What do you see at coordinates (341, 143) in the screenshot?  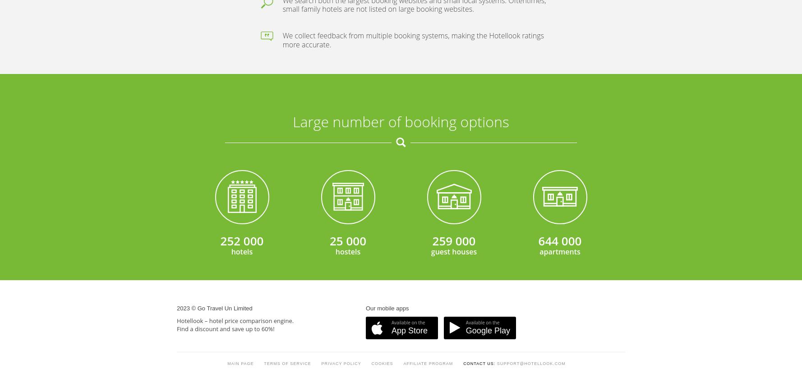 I see `'Privacy policy'` at bounding box center [341, 143].